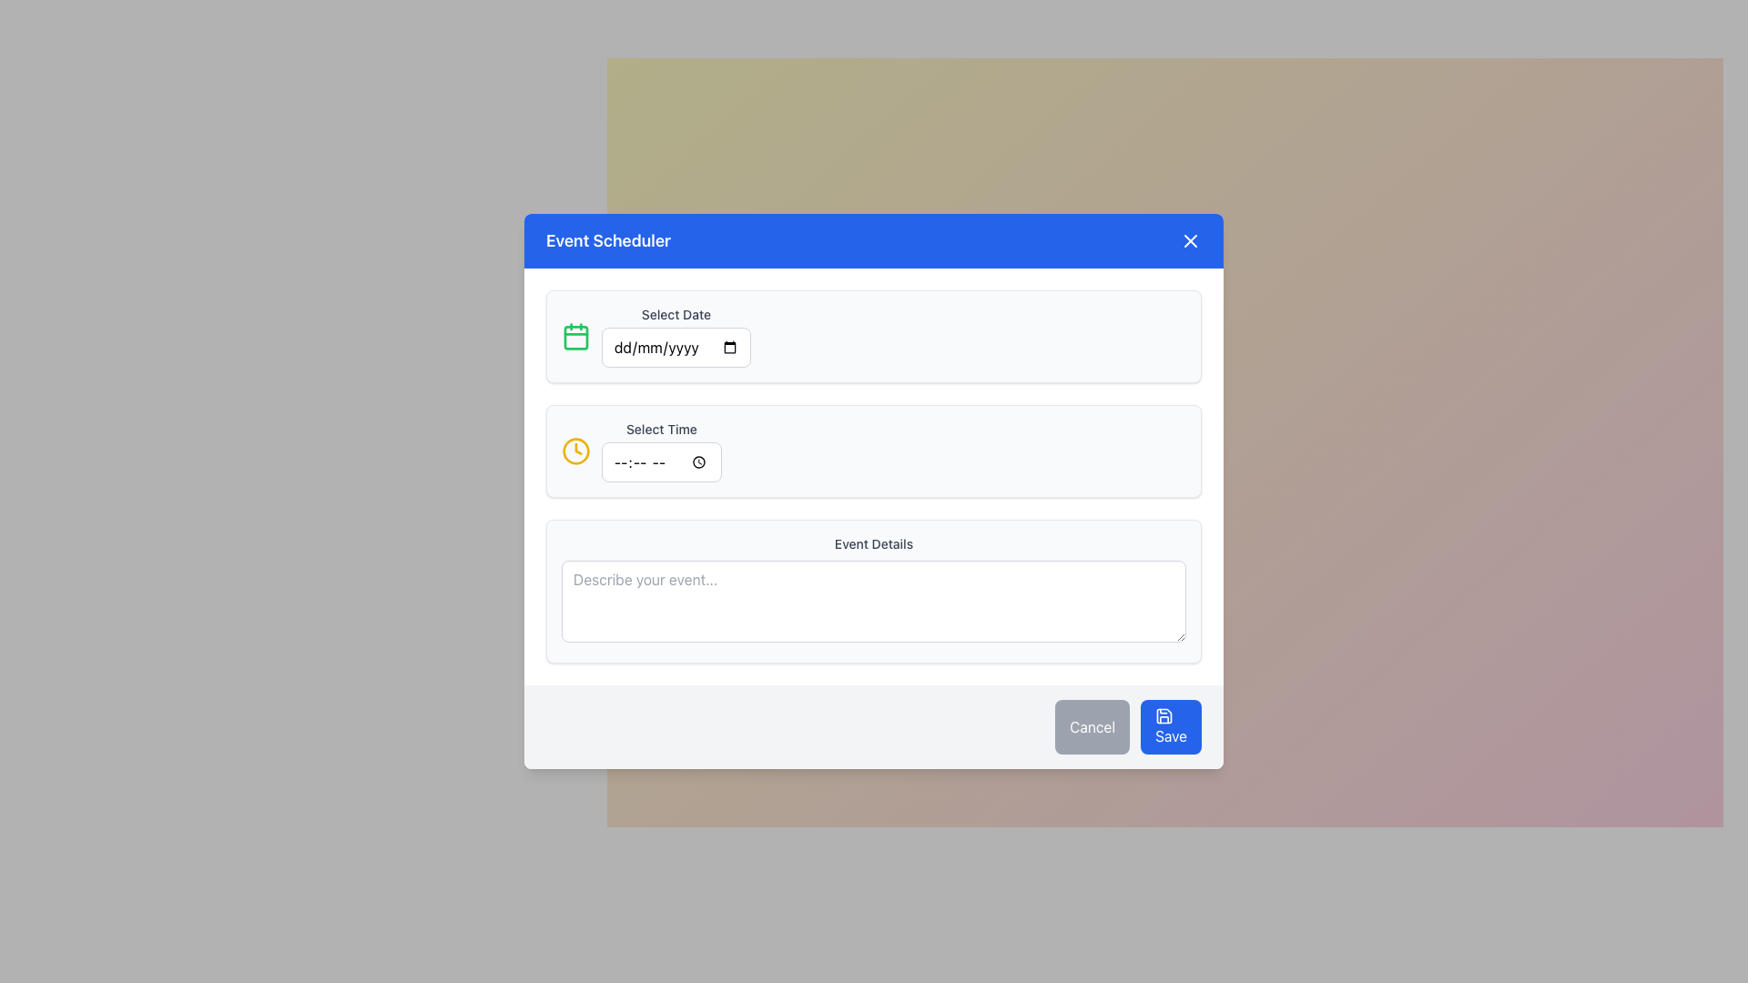 This screenshot has width=1748, height=983. I want to click on the 'Save' button located in the lower right corner of the modal dialog, which is represented by the save action icon positioned at its center-left, so click(1164, 714).